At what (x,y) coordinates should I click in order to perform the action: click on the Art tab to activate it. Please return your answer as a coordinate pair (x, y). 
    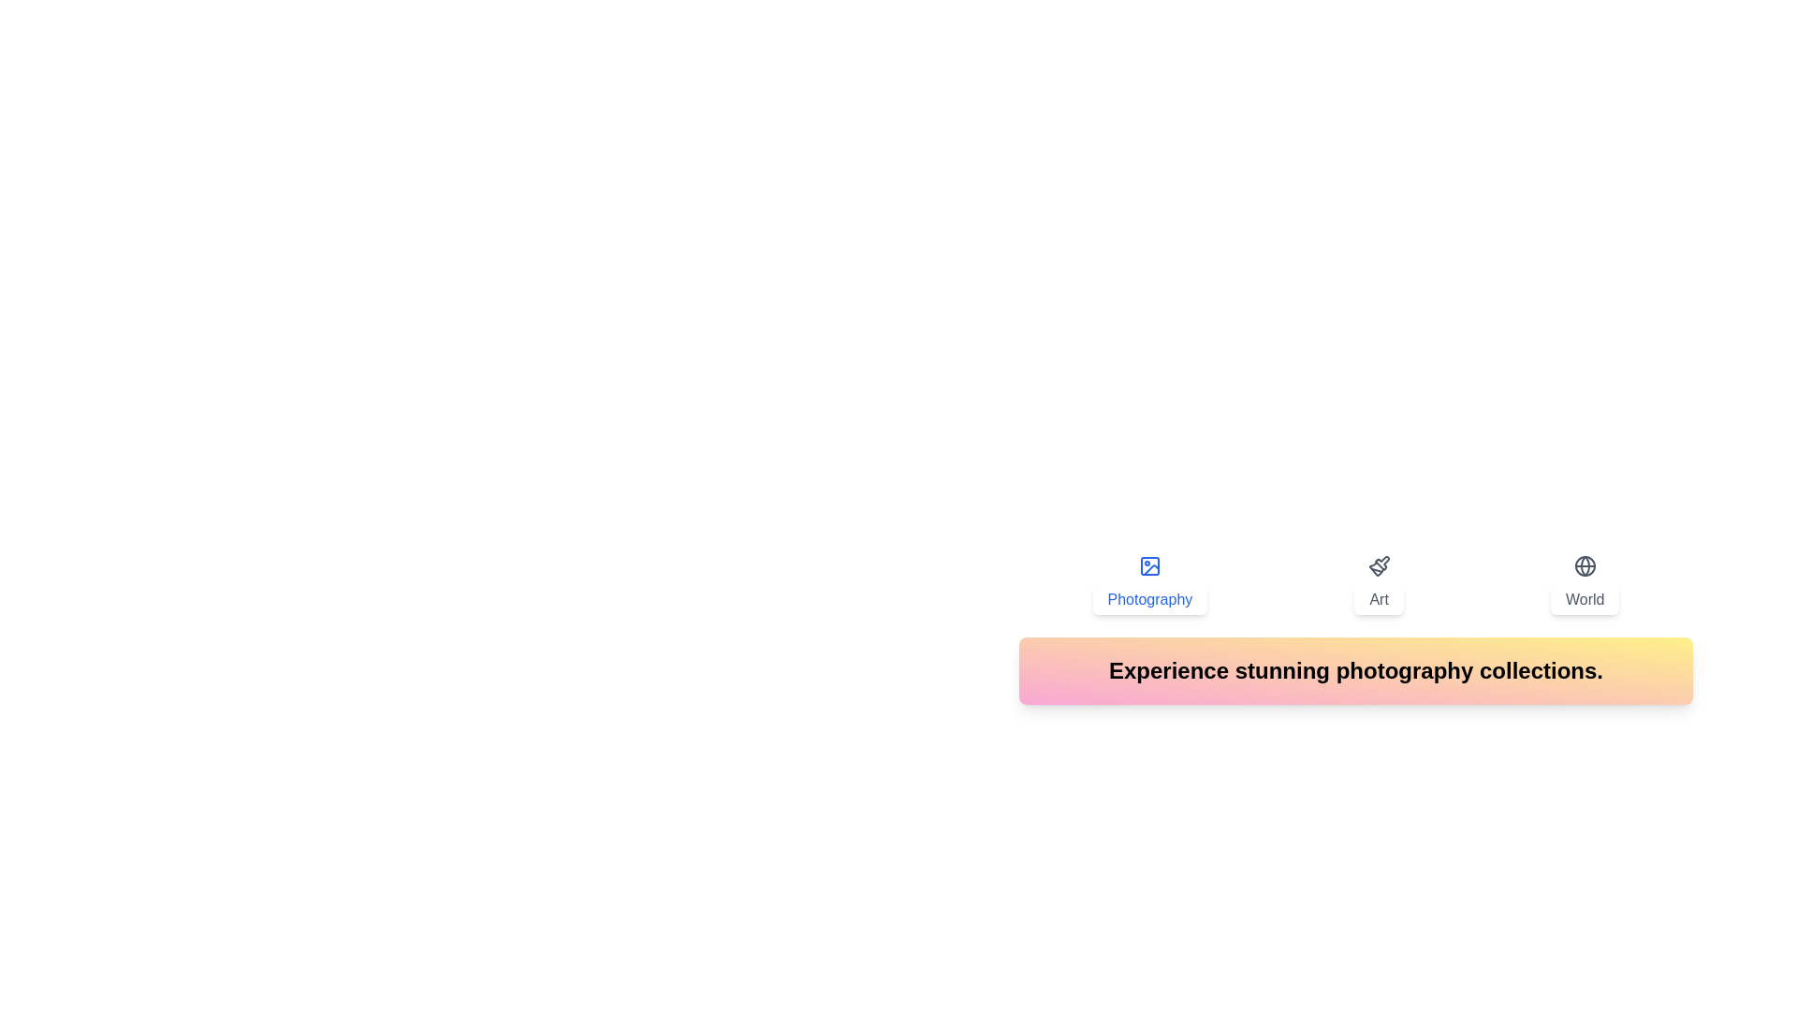
    Looking at the image, I should click on (1379, 583).